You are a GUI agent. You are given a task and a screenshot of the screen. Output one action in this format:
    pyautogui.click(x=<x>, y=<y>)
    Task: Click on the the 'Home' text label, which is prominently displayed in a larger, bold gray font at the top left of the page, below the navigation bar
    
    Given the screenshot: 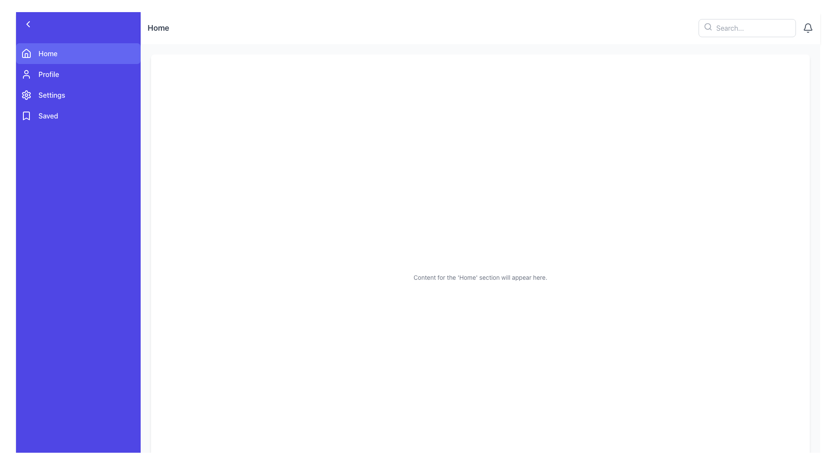 What is the action you would take?
    pyautogui.click(x=158, y=28)
    